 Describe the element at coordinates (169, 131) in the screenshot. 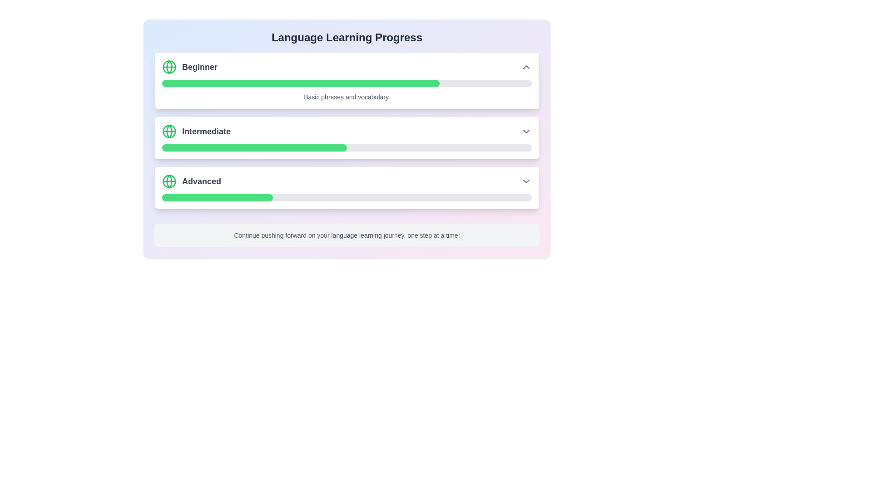

I see `the green circle icon that is the main part of the globe icon located to the immediate left of the text 'Intermediate'` at that location.